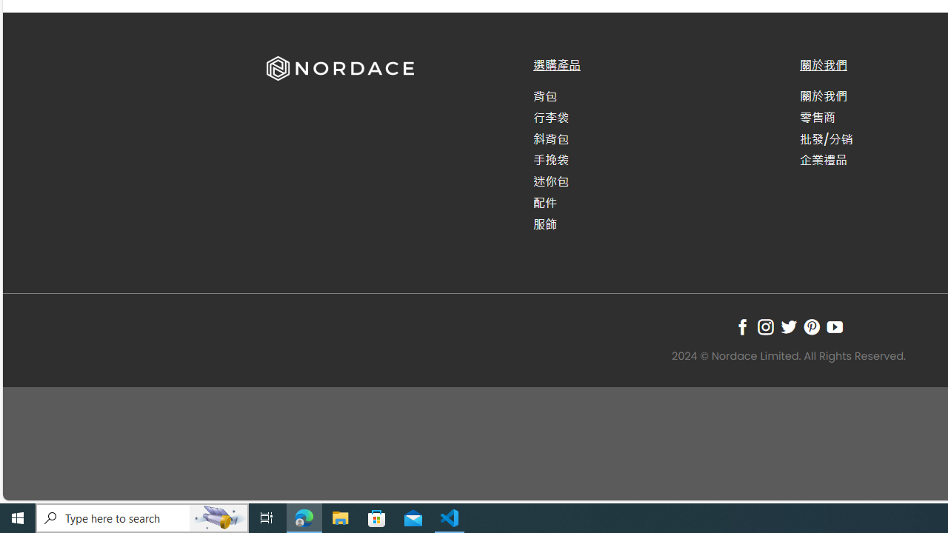 The height and width of the screenshot is (533, 948). Describe the element at coordinates (742, 326) in the screenshot. I see `'Follow on Facebook'` at that location.